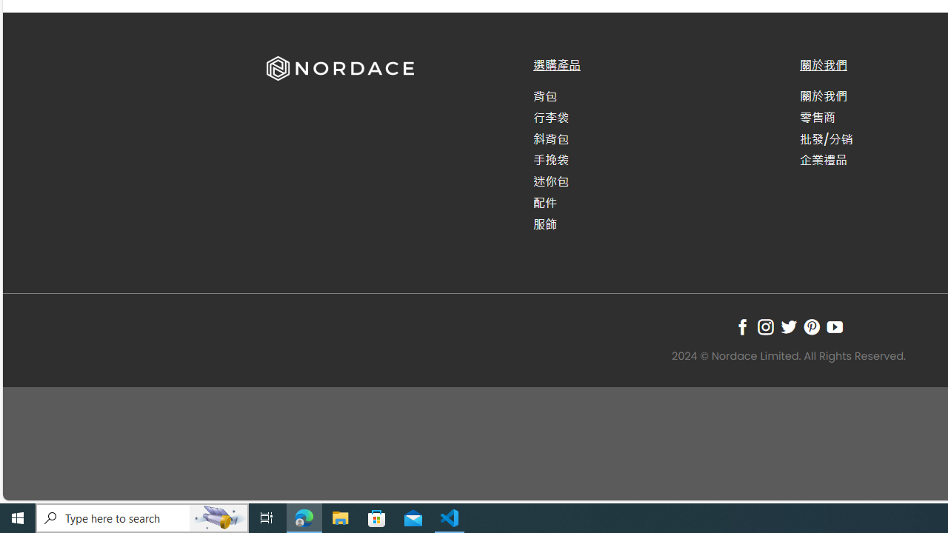 The height and width of the screenshot is (533, 948). Describe the element at coordinates (742, 326) in the screenshot. I see `'Follow on Facebook'` at that location.